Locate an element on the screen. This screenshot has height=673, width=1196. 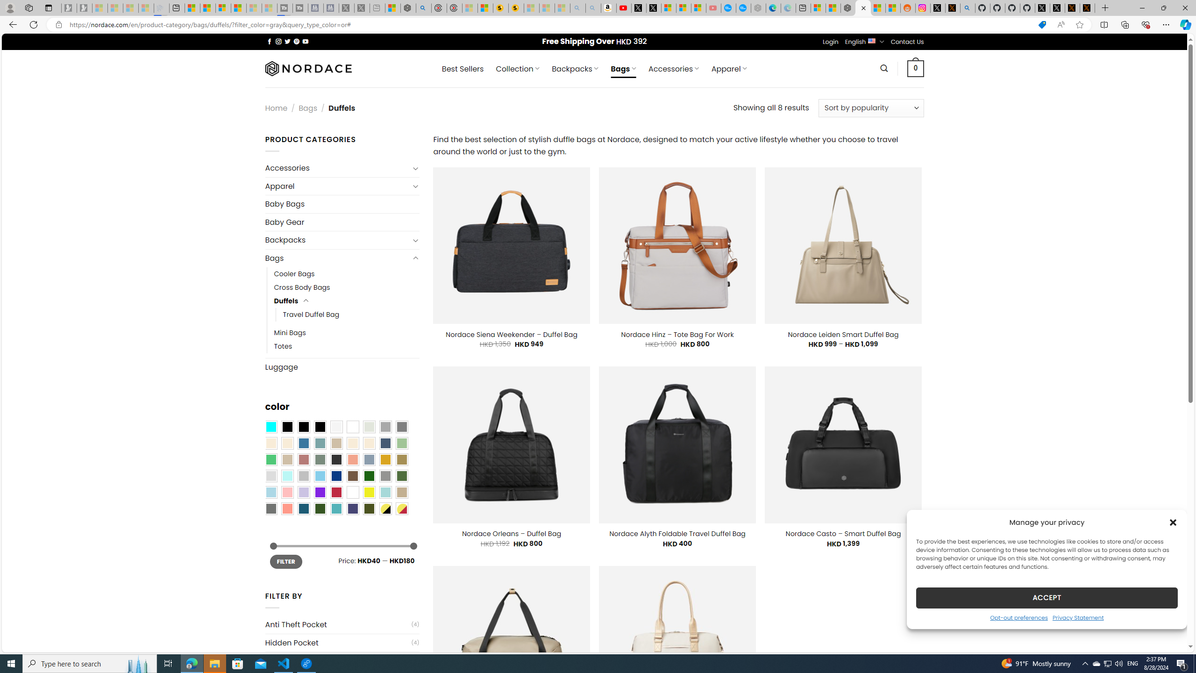
'Travel Duffel Bag' is located at coordinates (351, 315).